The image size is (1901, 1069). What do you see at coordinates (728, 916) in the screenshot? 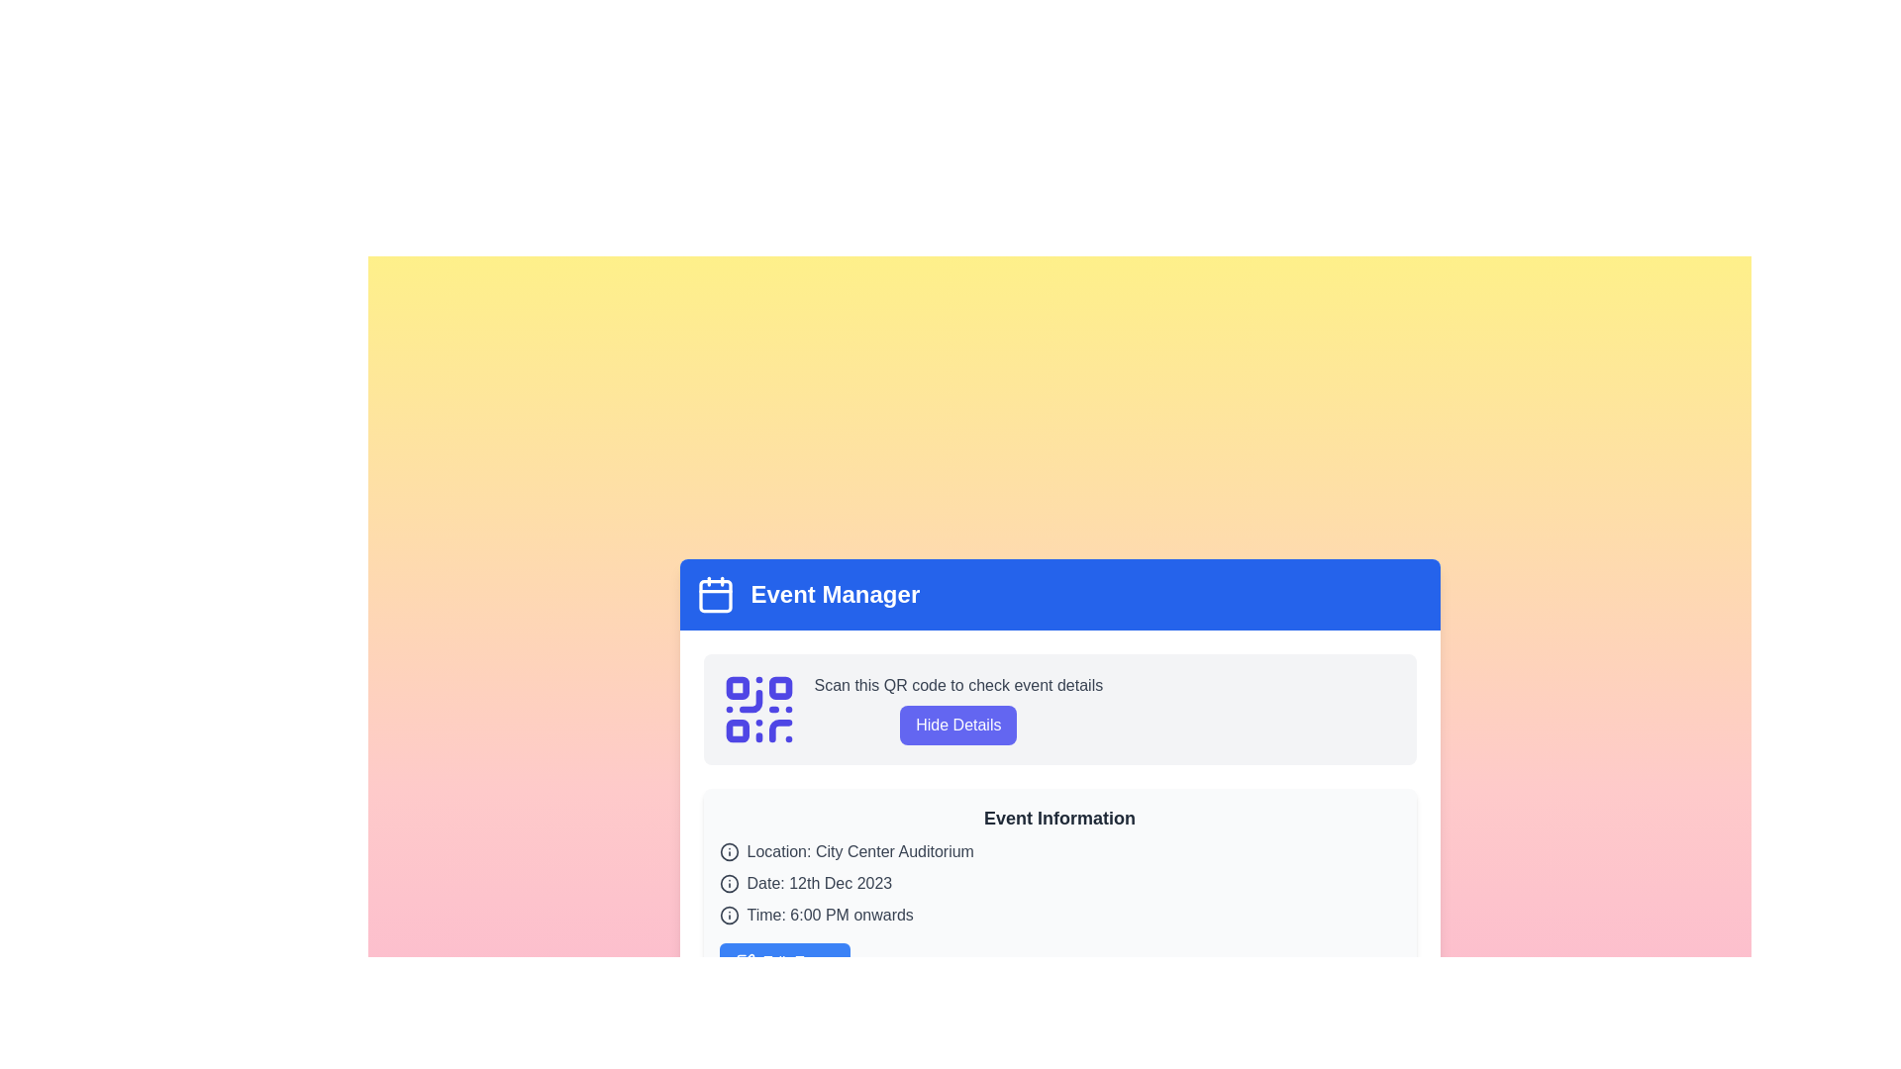
I see `the informational icon, which is a small outlined circle with an 'i' symbol, located to the left of the text 'Time: 6:00 PM onwards'` at bounding box center [728, 916].